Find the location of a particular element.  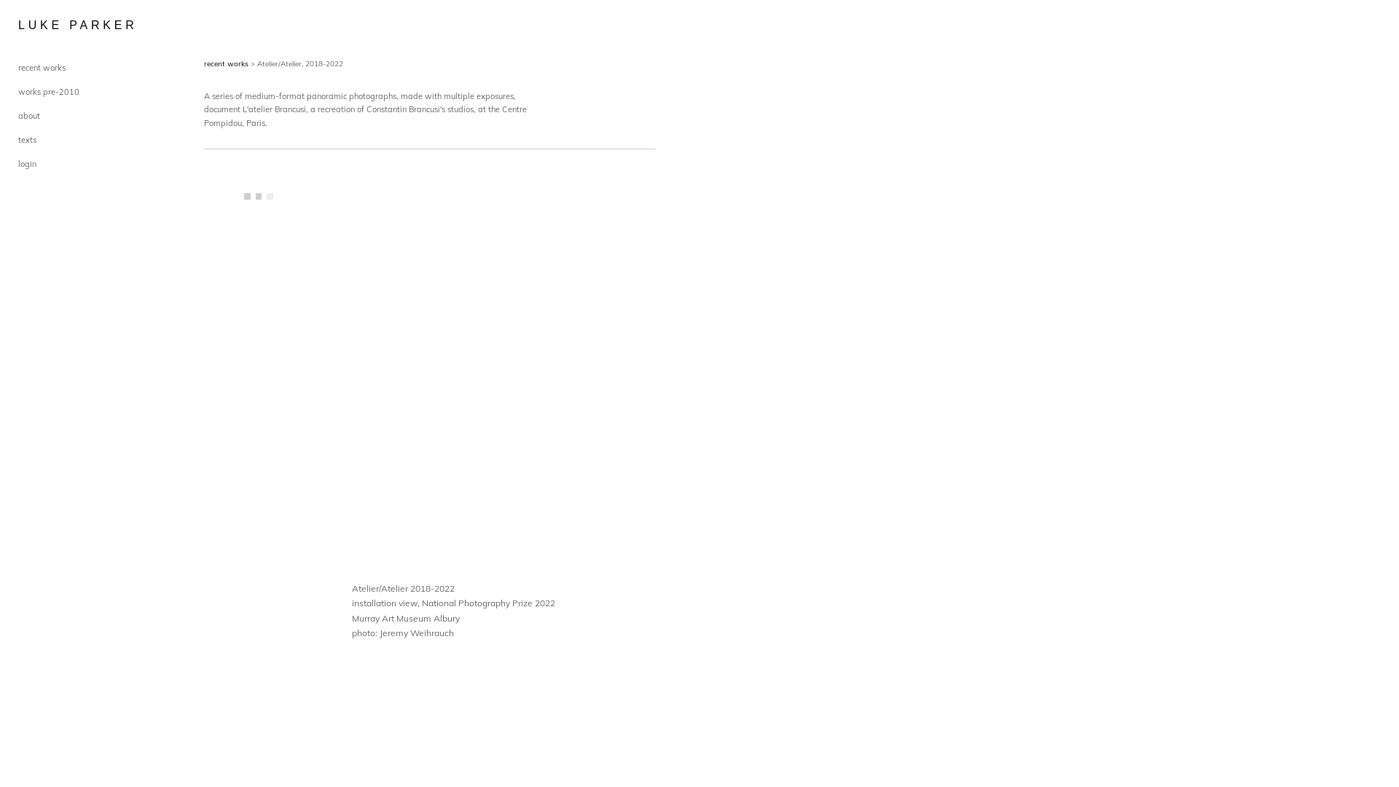

'LUKE PARKER' is located at coordinates (55, 25).